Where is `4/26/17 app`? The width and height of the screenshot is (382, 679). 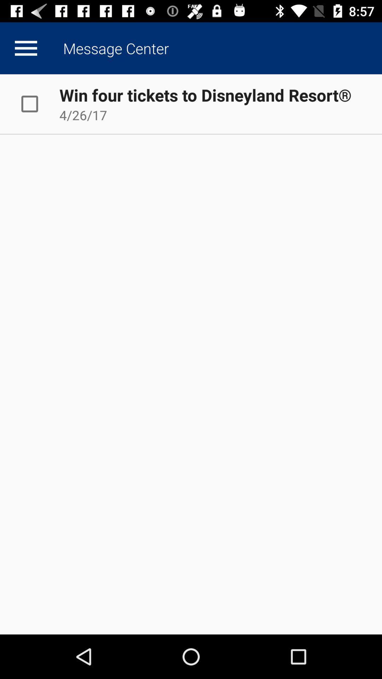 4/26/17 app is located at coordinates (83, 115).